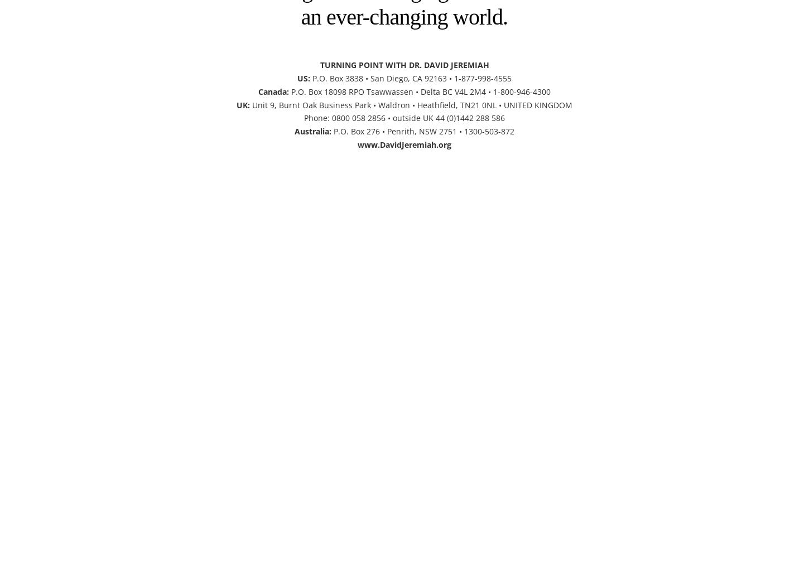 Image resolution: width=809 pixels, height=584 pixels. Describe the element at coordinates (331, 131) in the screenshot. I see `'P.O. Box 276 • Penrith, NSW 2751 • 1300-503-872'` at that location.